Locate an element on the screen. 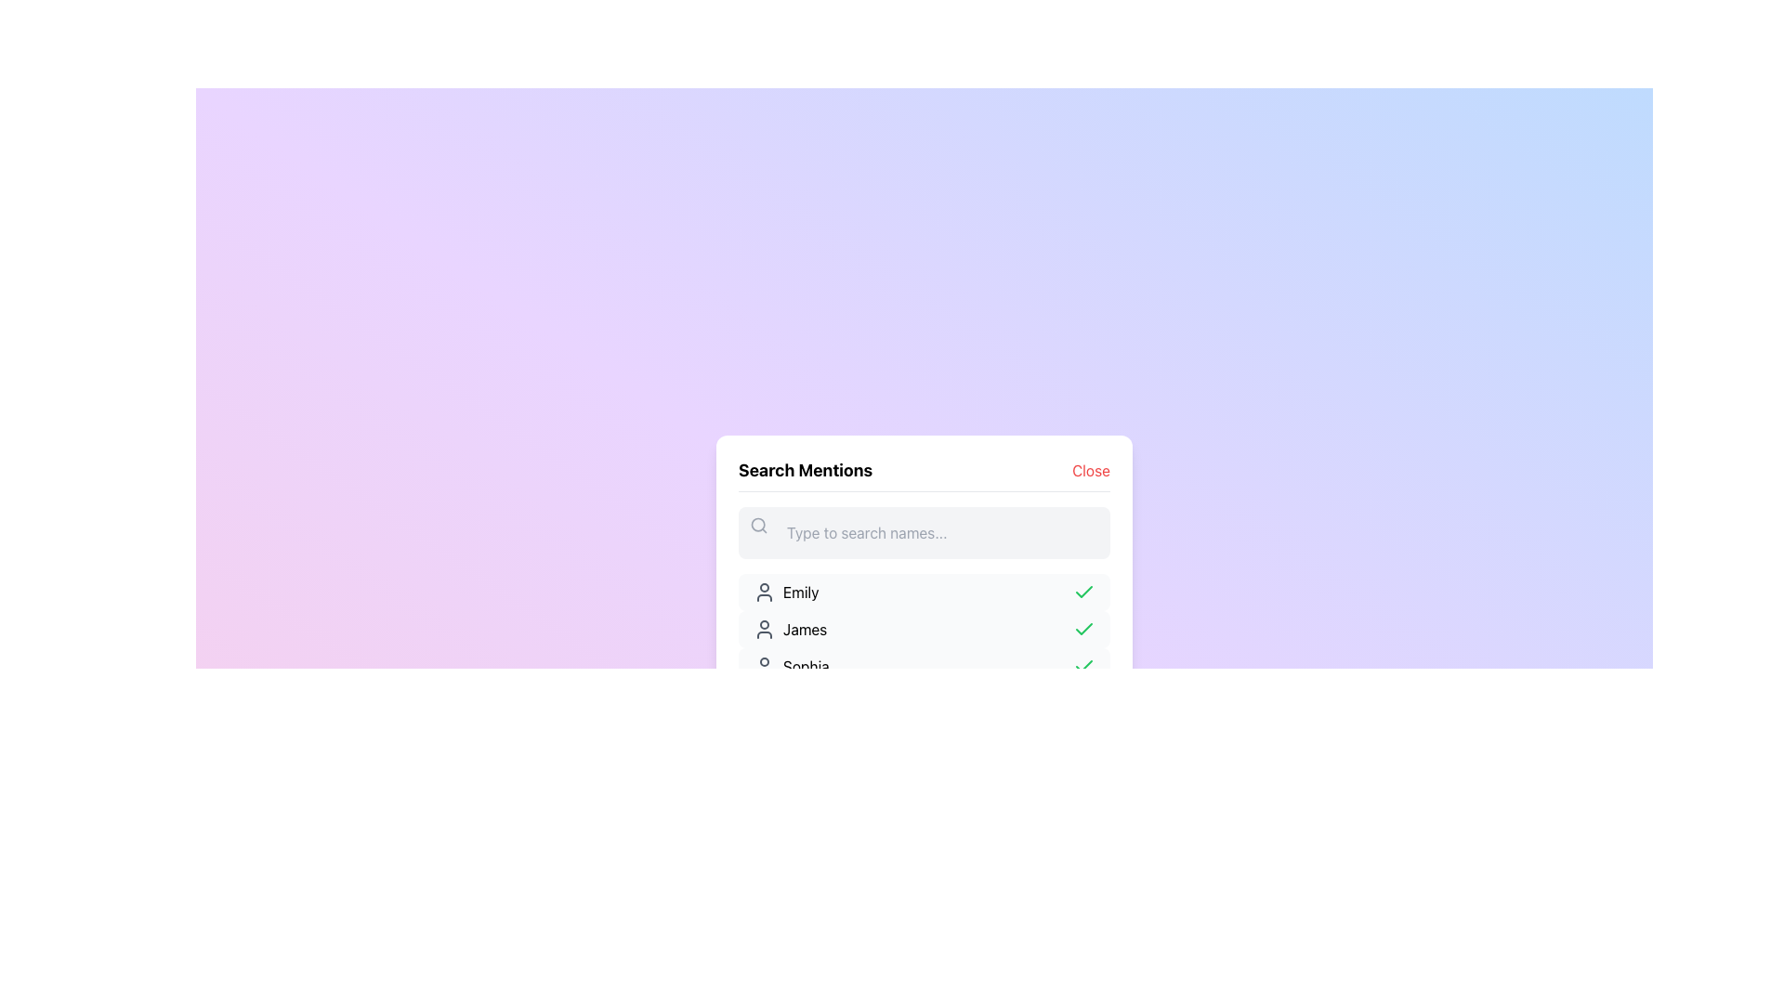 The width and height of the screenshot is (1784, 1003). the search bar element, which is a gray rounded rectangle with a magnifying glass icon and the placeholder text 'Type to search names...' is located at coordinates (924, 532).